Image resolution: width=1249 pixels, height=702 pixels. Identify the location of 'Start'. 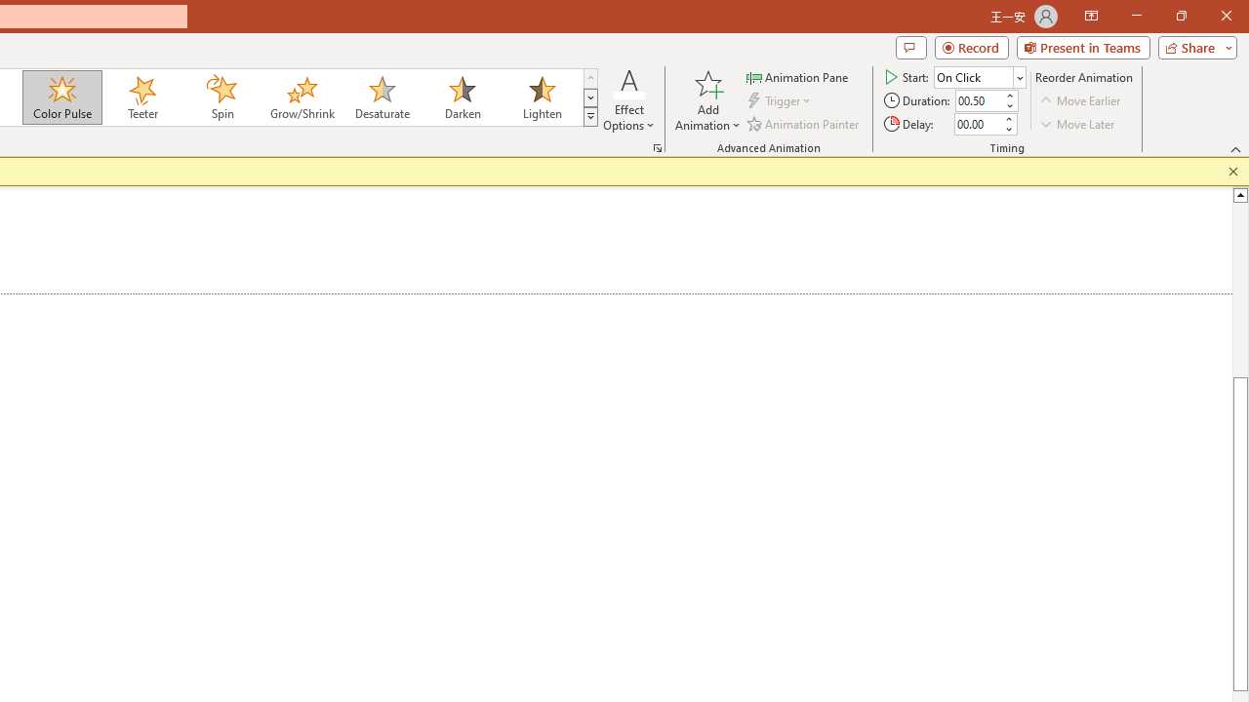
(980, 76).